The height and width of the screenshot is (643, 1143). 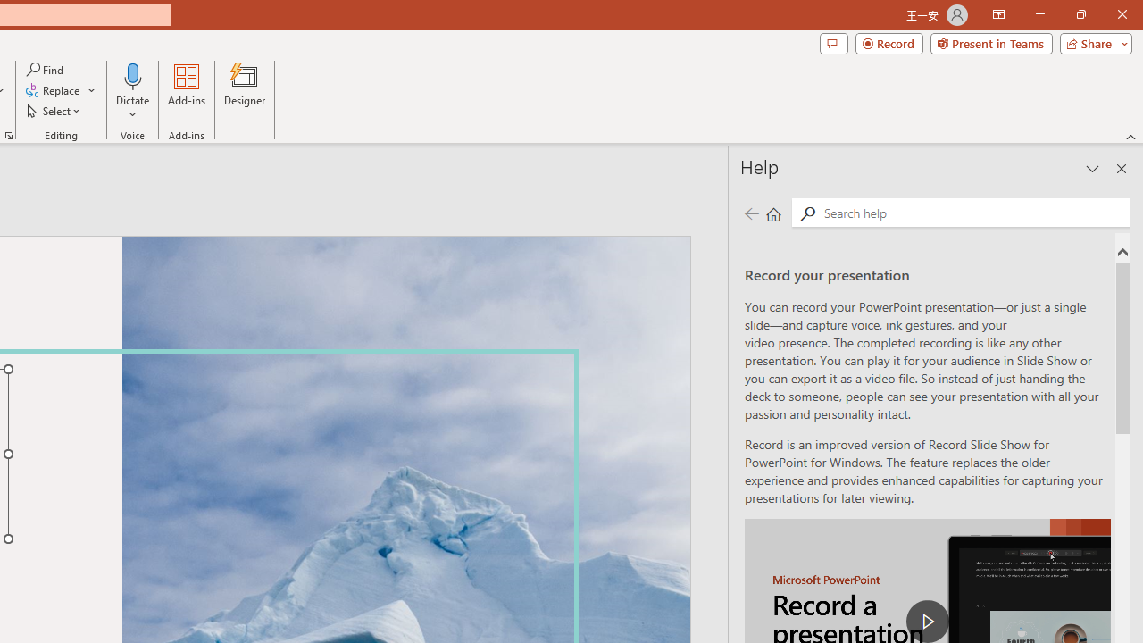 What do you see at coordinates (751, 213) in the screenshot?
I see `'Previous page'` at bounding box center [751, 213].